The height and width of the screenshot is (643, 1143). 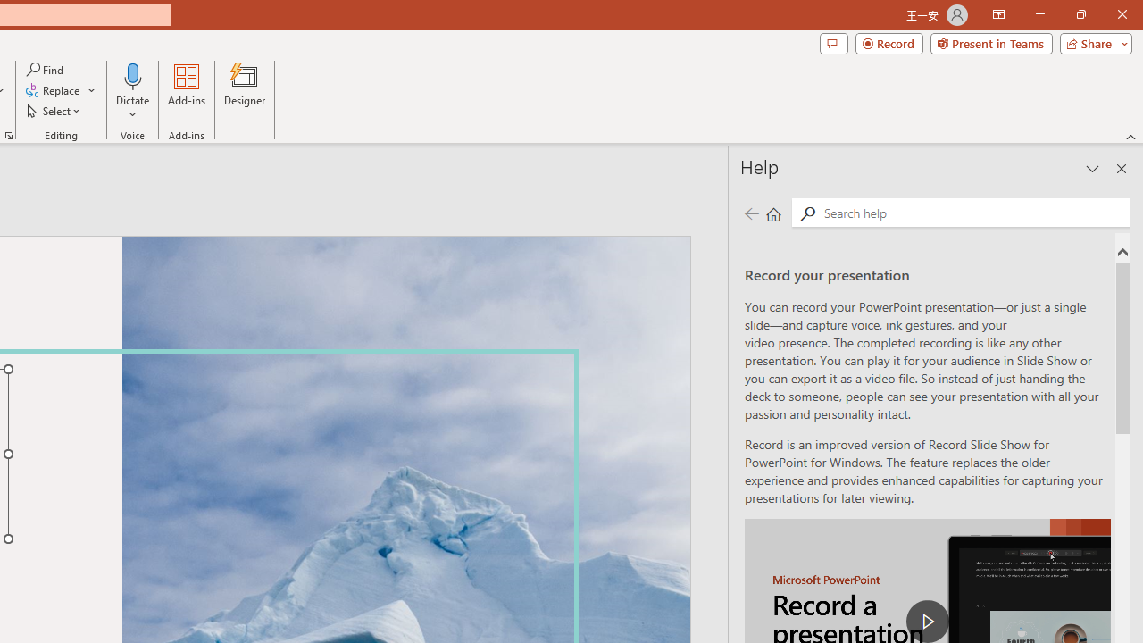 What do you see at coordinates (751, 213) in the screenshot?
I see `'Previous page'` at bounding box center [751, 213].